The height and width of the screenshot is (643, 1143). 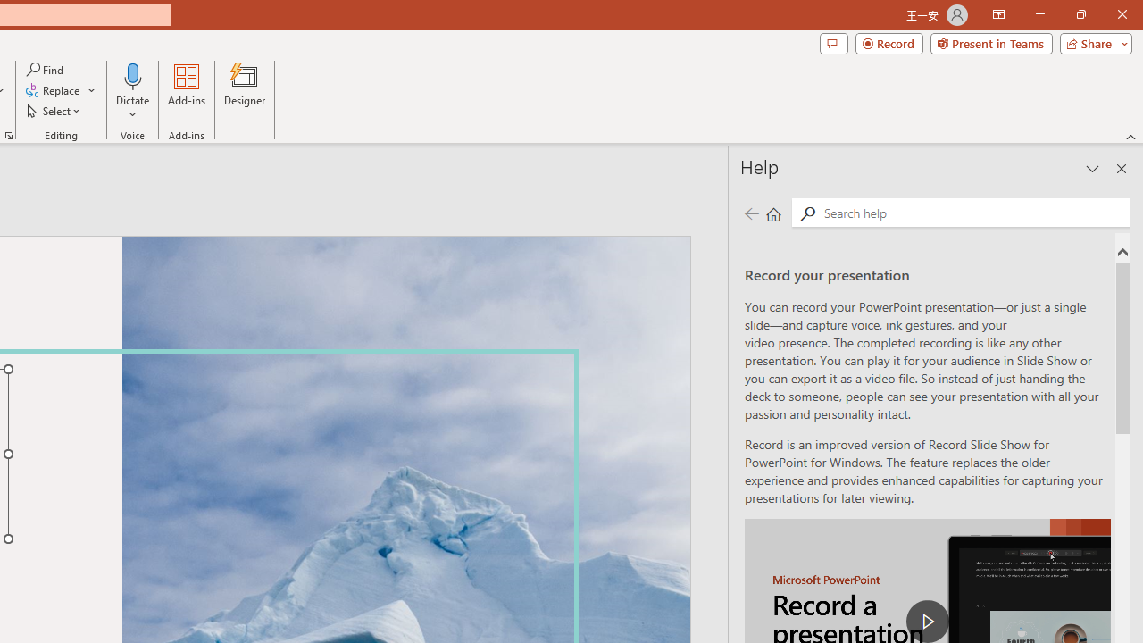 What do you see at coordinates (751, 213) in the screenshot?
I see `'Previous page'` at bounding box center [751, 213].